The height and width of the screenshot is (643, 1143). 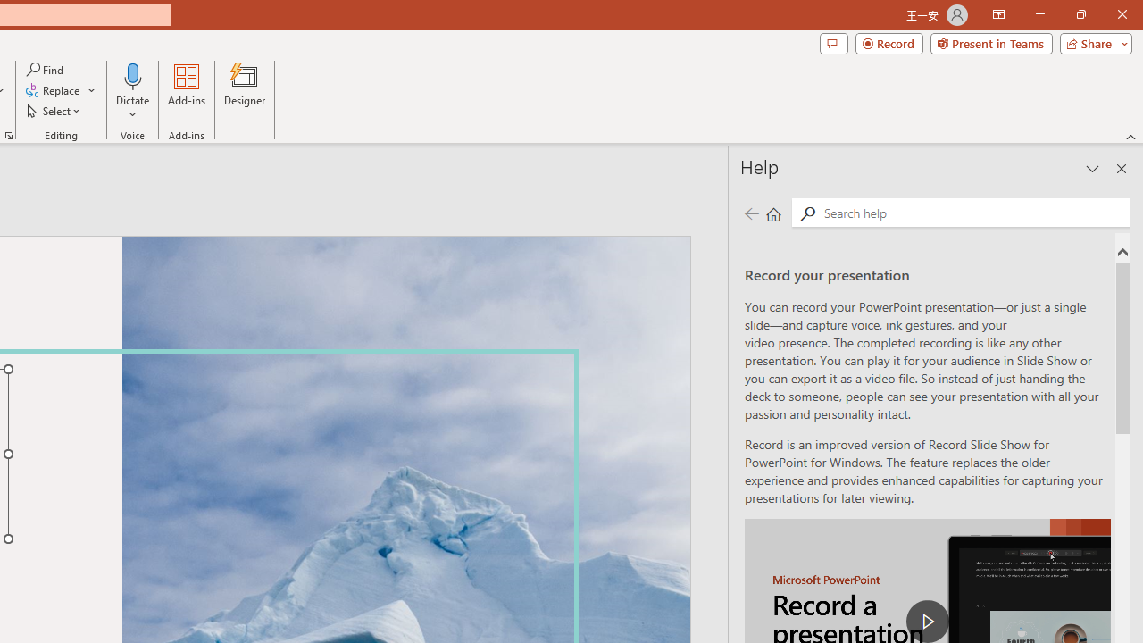 What do you see at coordinates (751, 213) in the screenshot?
I see `'Previous page'` at bounding box center [751, 213].